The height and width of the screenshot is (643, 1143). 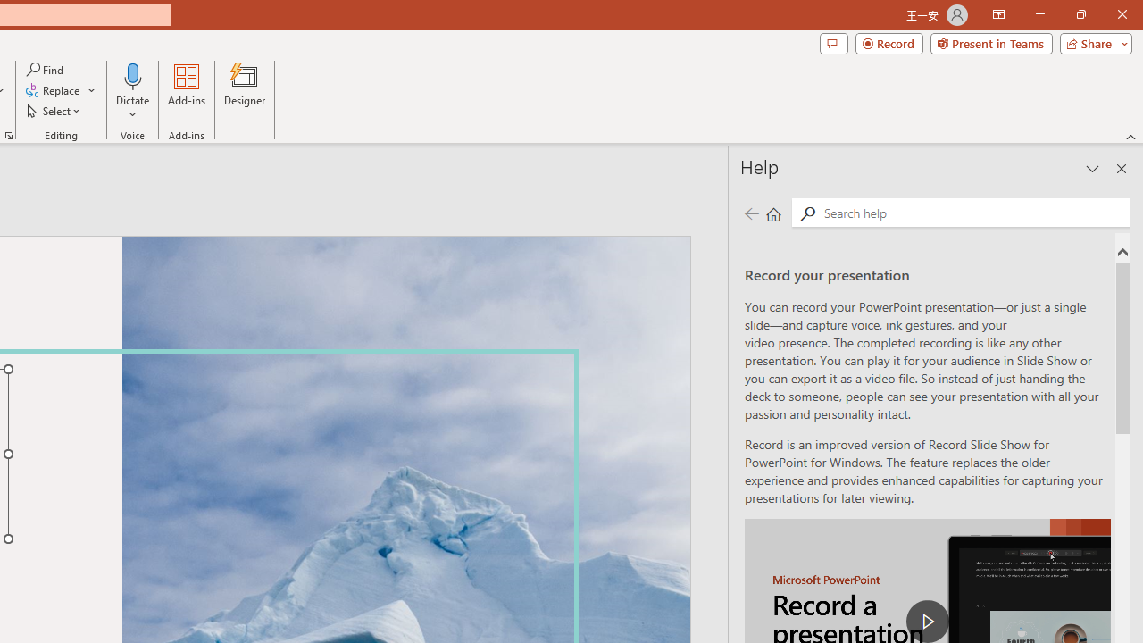 What do you see at coordinates (751, 213) in the screenshot?
I see `'Previous page'` at bounding box center [751, 213].